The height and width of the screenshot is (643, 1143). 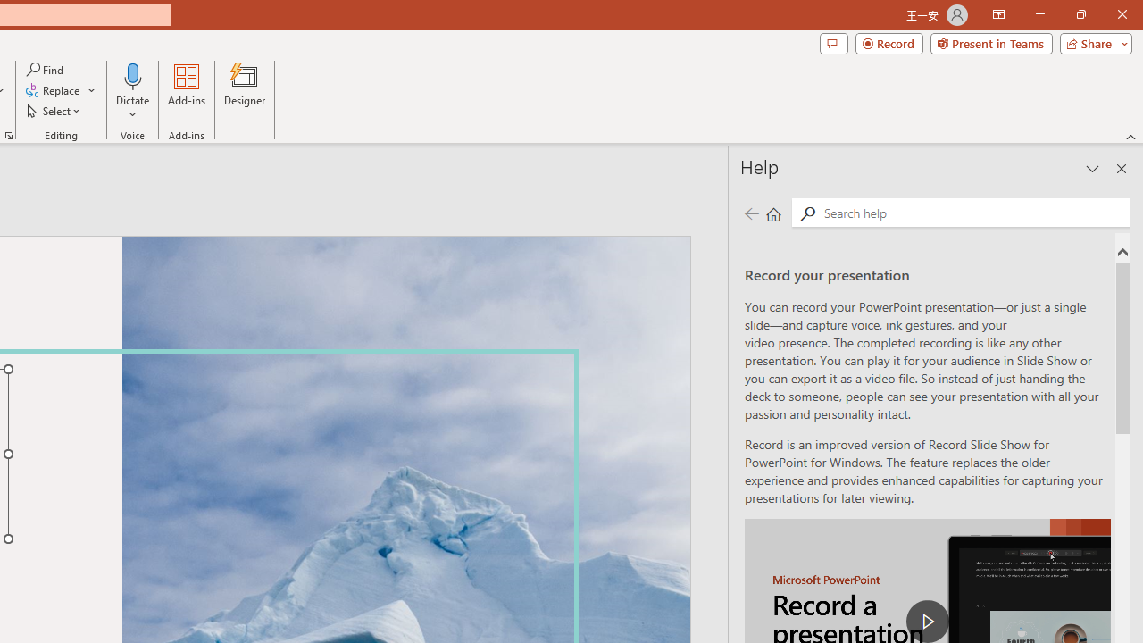 What do you see at coordinates (751, 213) in the screenshot?
I see `'Previous page'` at bounding box center [751, 213].